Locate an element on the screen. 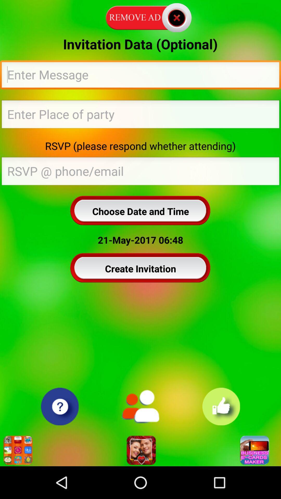 The image size is (281, 499). icon below the create invitation icon is located at coordinates (140, 406).